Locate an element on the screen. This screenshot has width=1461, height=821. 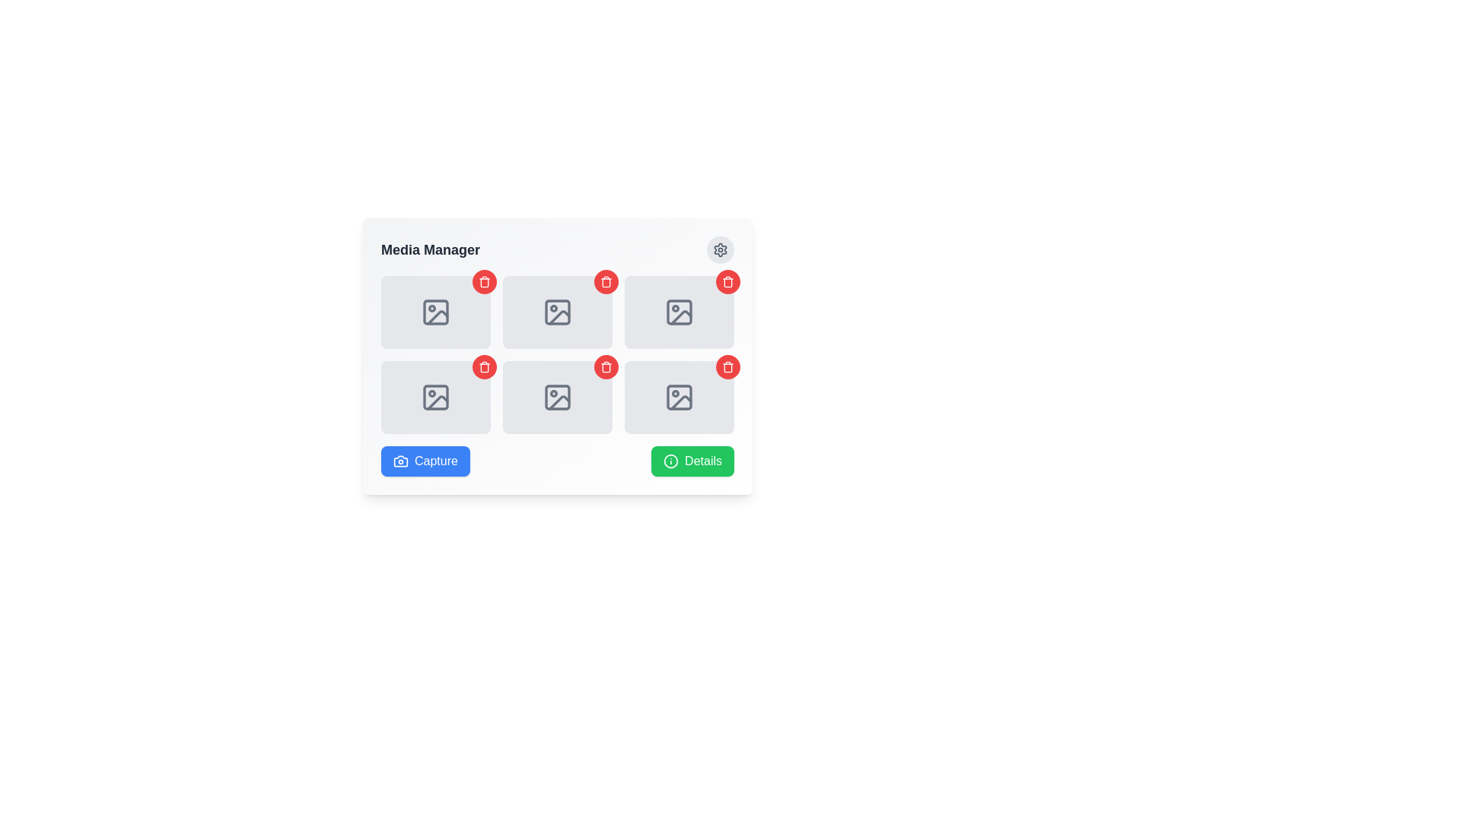
the trash can icon with a rectangular body and white outline located in the second row and first column of the grid is located at coordinates (484, 282).